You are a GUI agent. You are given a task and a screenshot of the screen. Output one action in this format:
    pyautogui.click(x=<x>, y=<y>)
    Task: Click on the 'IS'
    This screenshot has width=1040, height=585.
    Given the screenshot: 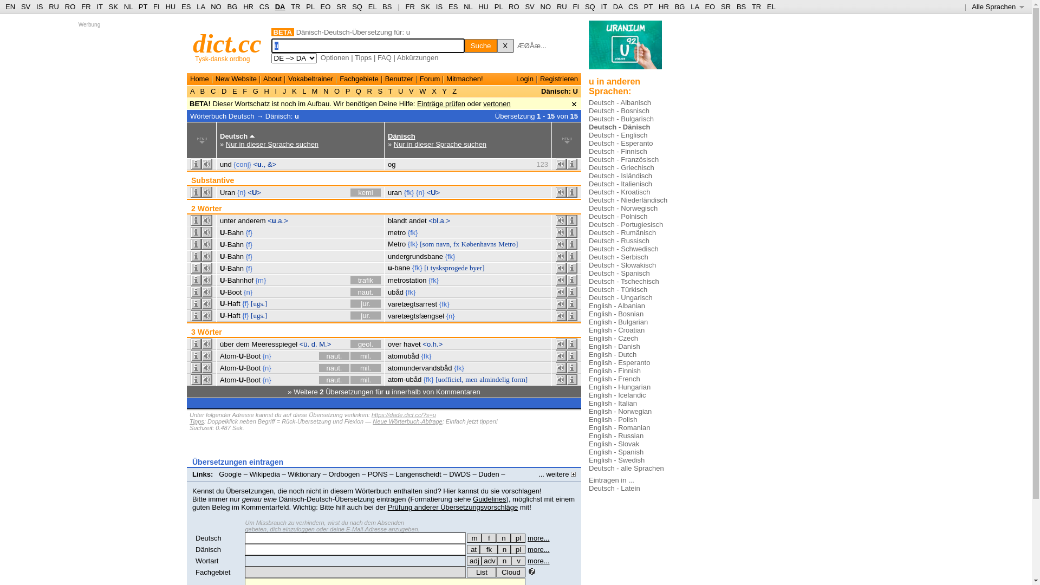 What is the action you would take?
    pyautogui.click(x=439, y=6)
    